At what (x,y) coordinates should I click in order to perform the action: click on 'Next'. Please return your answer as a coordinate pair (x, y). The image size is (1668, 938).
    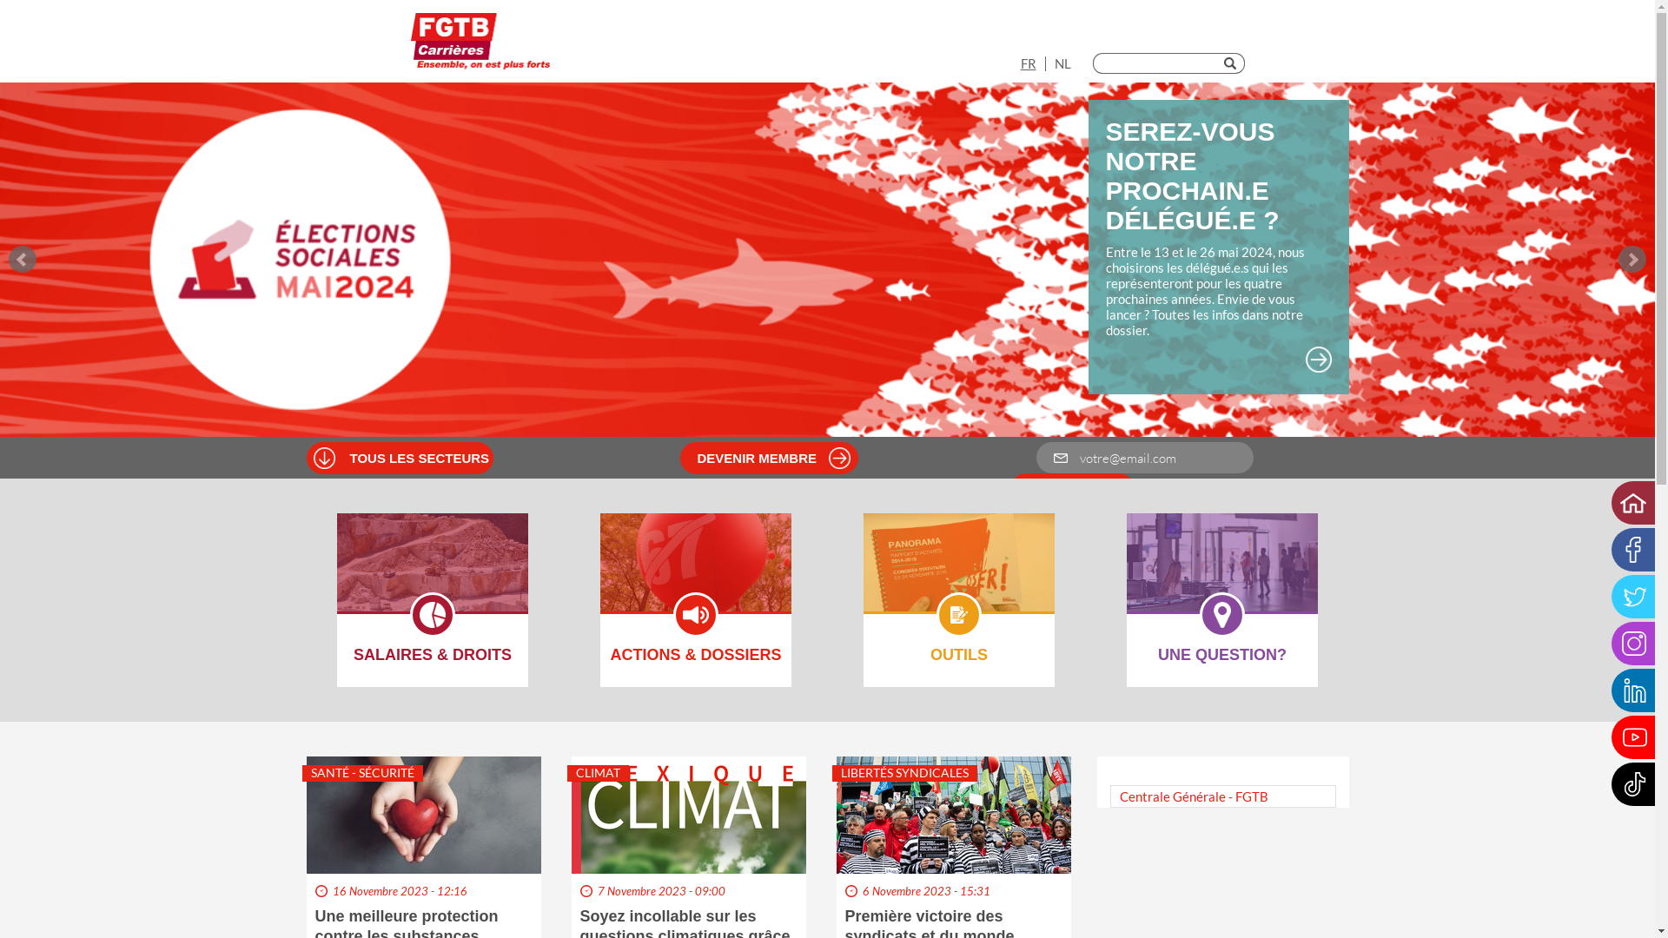
    Looking at the image, I should click on (1631, 260).